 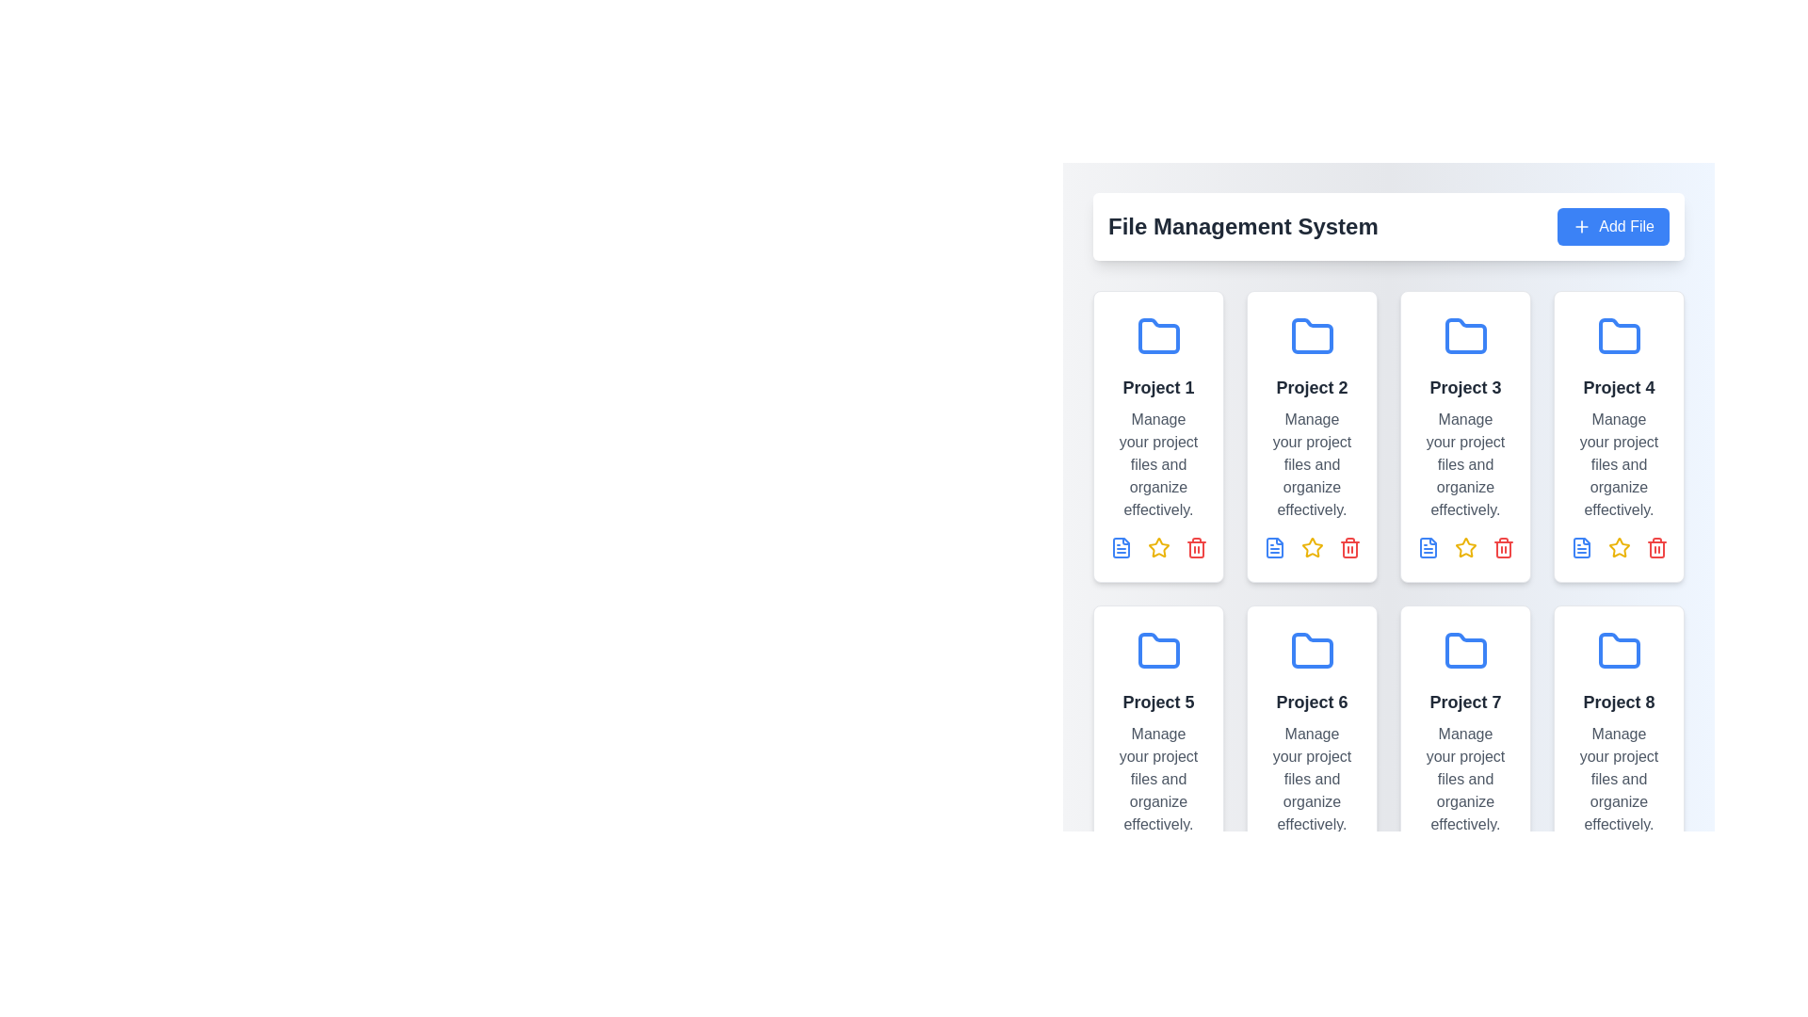 What do you see at coordinates (1464, 387) in the screenshot?
I see `the text label representing the title of the third project card in the first row` at bounding box center [1464, 387].